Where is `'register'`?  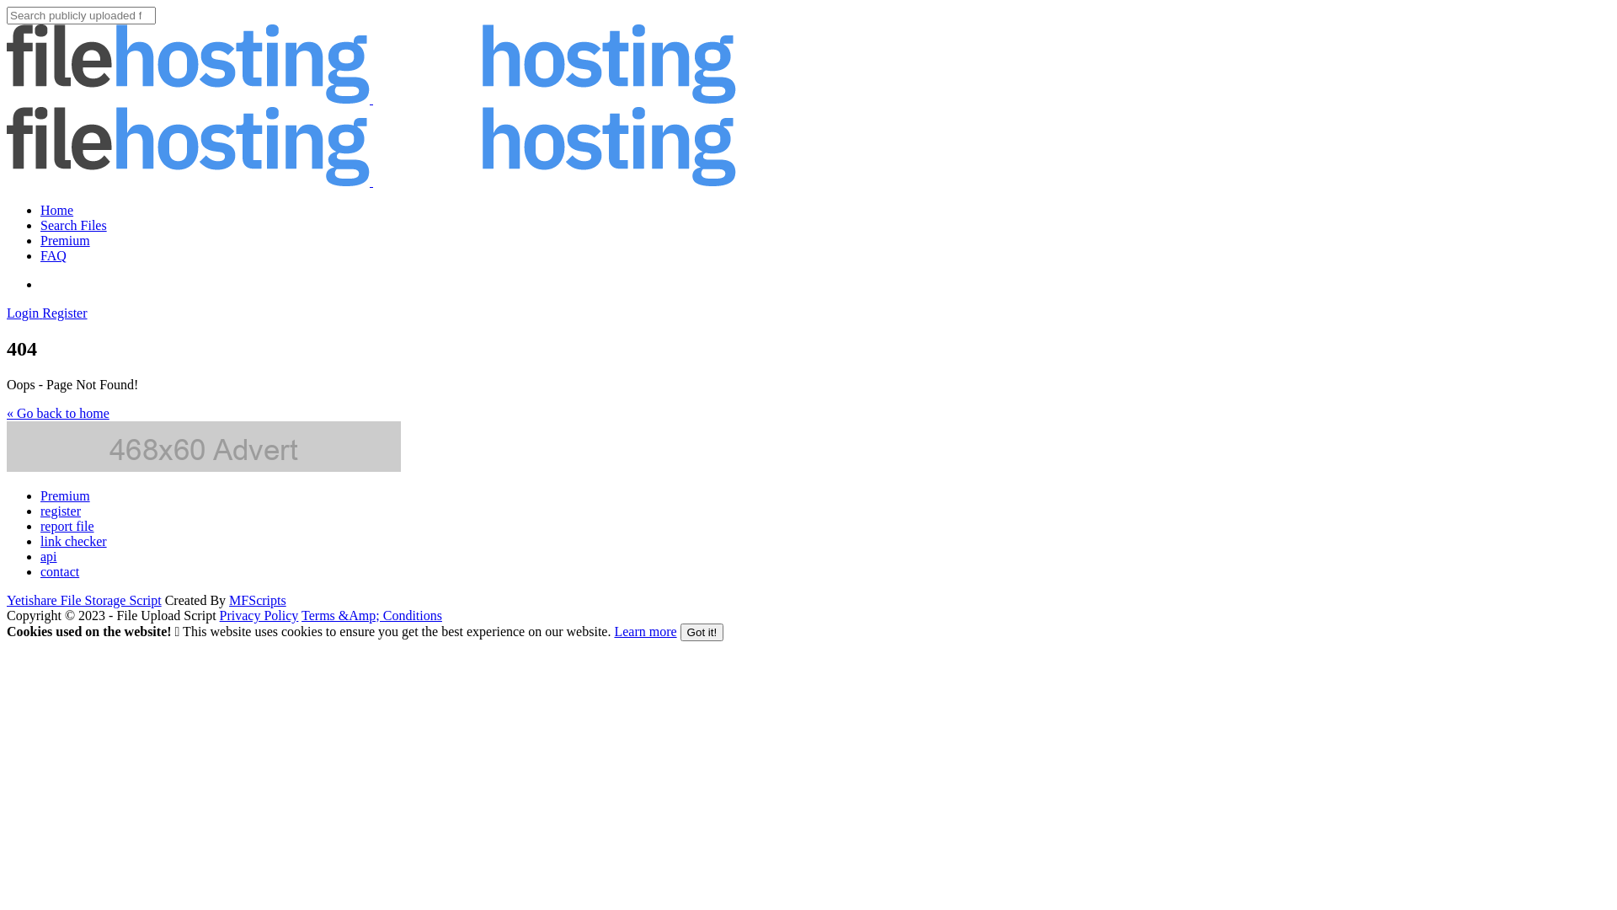
'register' is located at coordinates (40, 510).